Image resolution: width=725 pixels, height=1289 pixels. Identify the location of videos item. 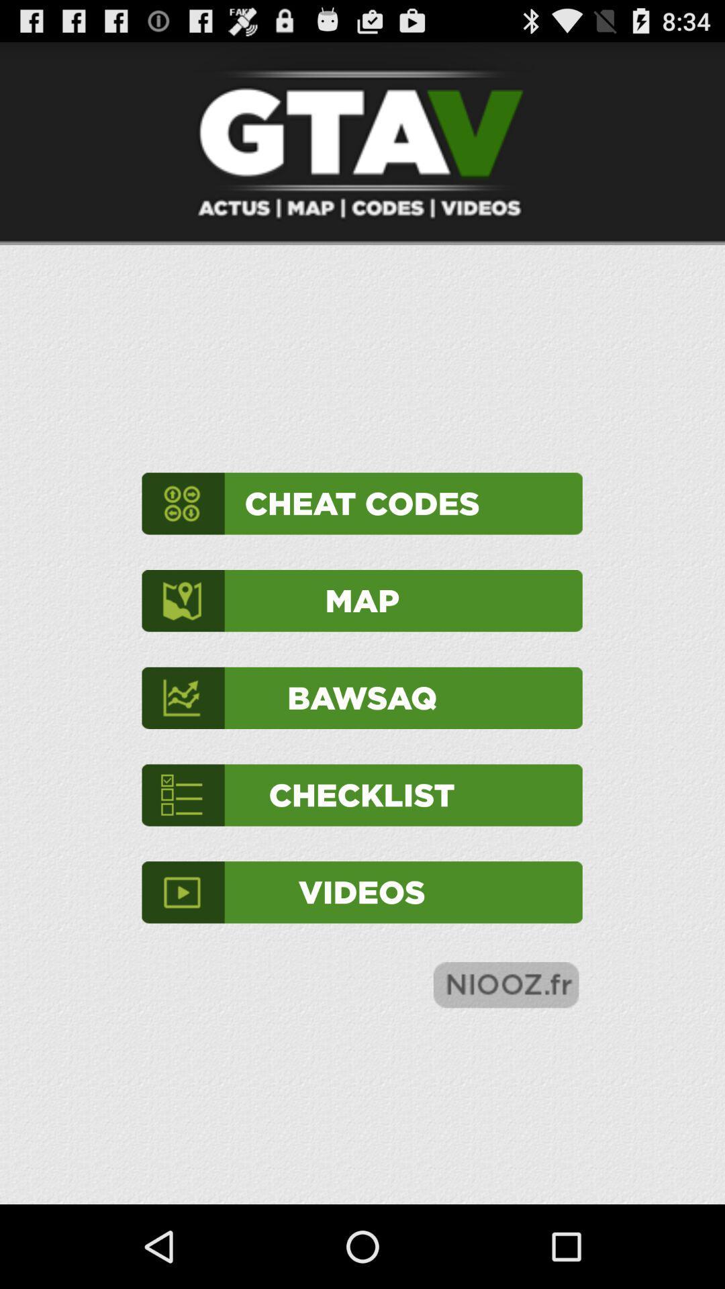
(361, 892).